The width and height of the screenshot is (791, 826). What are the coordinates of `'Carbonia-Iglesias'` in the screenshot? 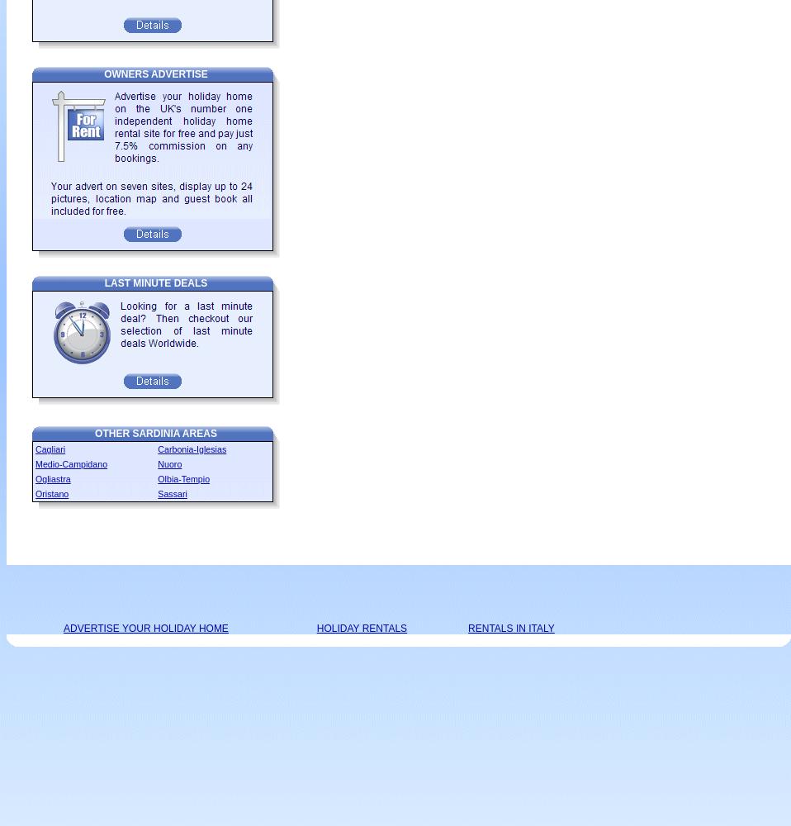 It's located at (191, 449).